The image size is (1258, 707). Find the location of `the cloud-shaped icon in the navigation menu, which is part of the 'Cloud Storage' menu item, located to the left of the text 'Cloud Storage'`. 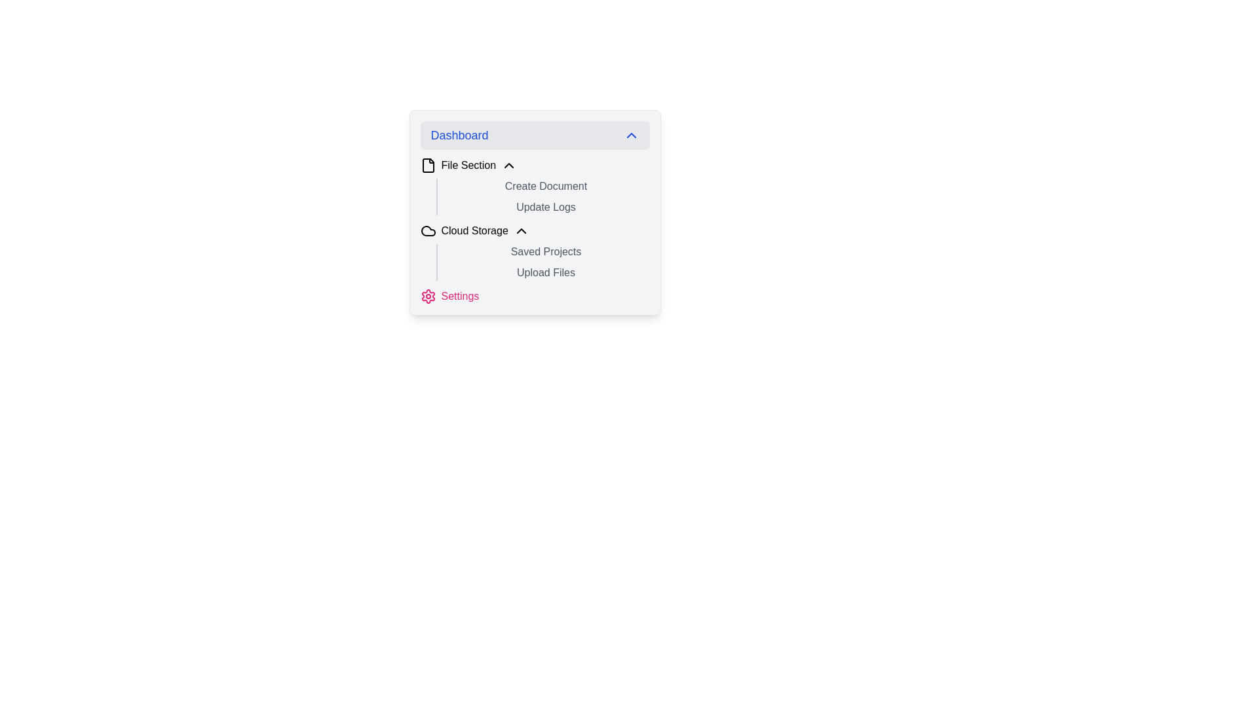

the cloud-shaped icon in the navigation menu, which is part of the 'Cloud Storage' menu item, located to the left of the text 'Cloud Storage' is located at coordinates (428, 230).